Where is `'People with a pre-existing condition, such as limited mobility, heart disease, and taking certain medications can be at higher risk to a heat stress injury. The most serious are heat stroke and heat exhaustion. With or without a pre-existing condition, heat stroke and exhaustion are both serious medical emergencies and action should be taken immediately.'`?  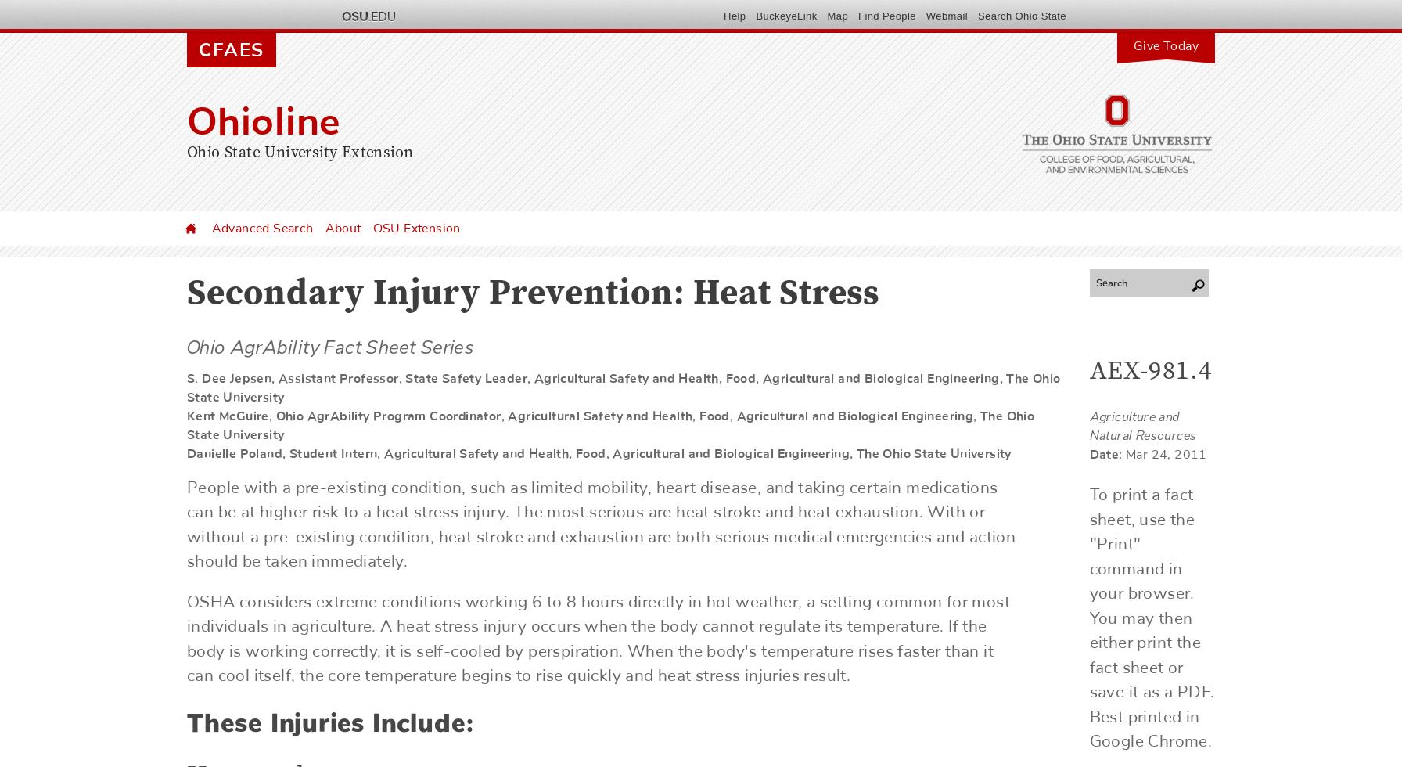 'People with a pre-existing condition, such as limited mobility, heart disease, and taking certain medications can be at higher risk to a heat stress injury. The most serious are heat stroke and heat exhaustion. With or without a pre-existing condition, heat stroke and exhaustion are both serious medical emergencies and action should be taken immediately.' is located at coordinates (601, 524).